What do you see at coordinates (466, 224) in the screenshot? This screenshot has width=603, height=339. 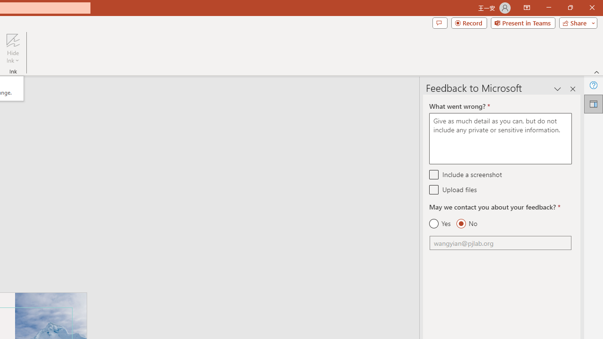 I see `'No'` at bounding box center [466, 224].